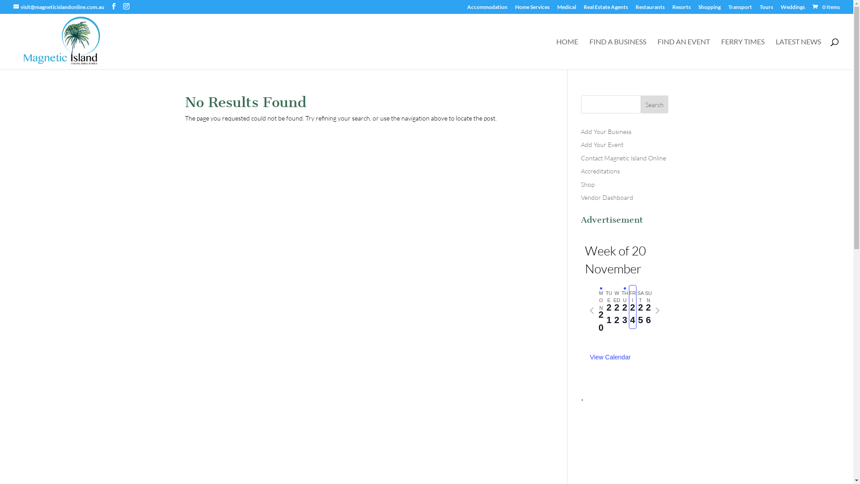  What do you see at coordinates (765, 9) in the screenshot?
I see `'Tours'` at bounding box center [765, 9].